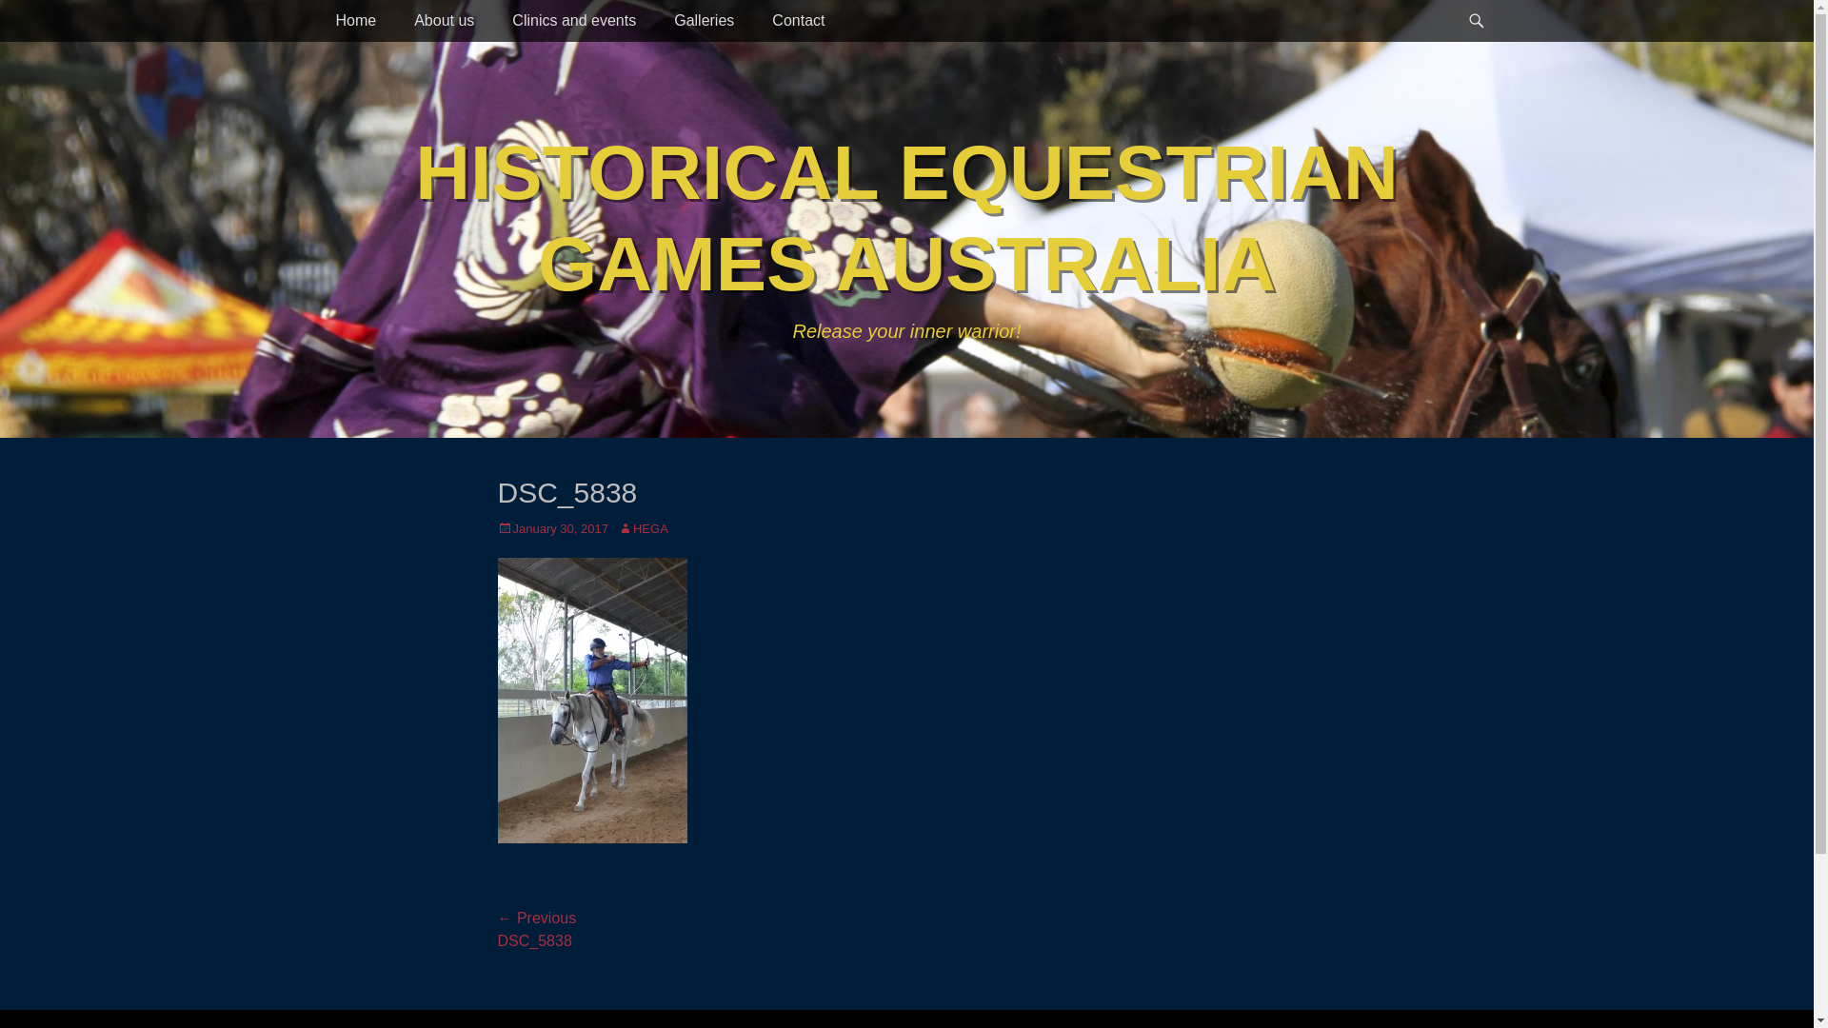 The height and width of the screenshot is (1028, 1828). Describe the element at coordinates (643, 528) in the screenshot. I see `'HEGA'` at that location.